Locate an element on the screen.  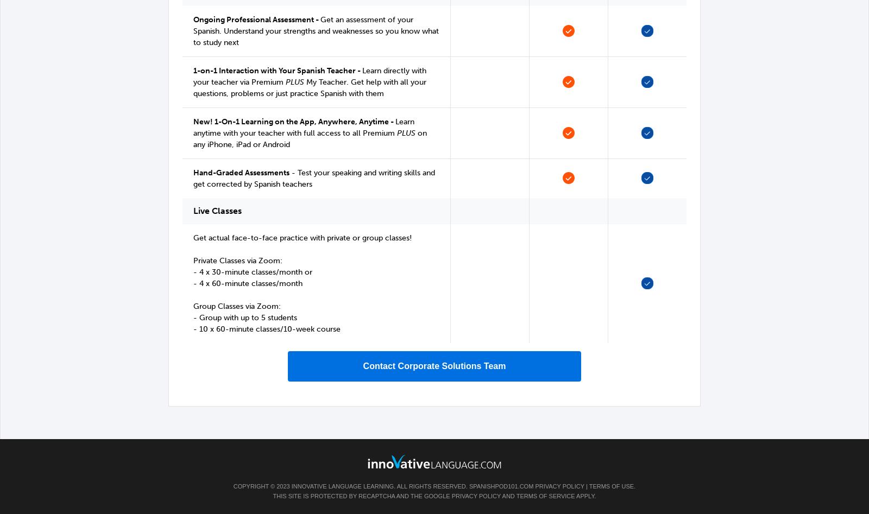
'Get actual face-to-face practice with private or group classes!' is located at coordinates (301, 238).